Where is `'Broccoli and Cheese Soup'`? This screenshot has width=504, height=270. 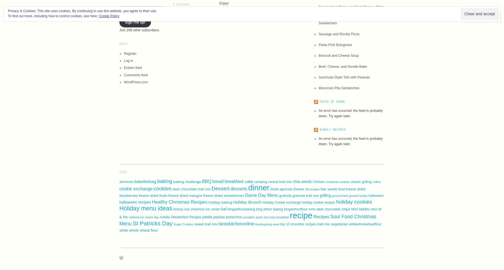 'Broccoli and Cheese Soup' is located at coordinates (318, 56).